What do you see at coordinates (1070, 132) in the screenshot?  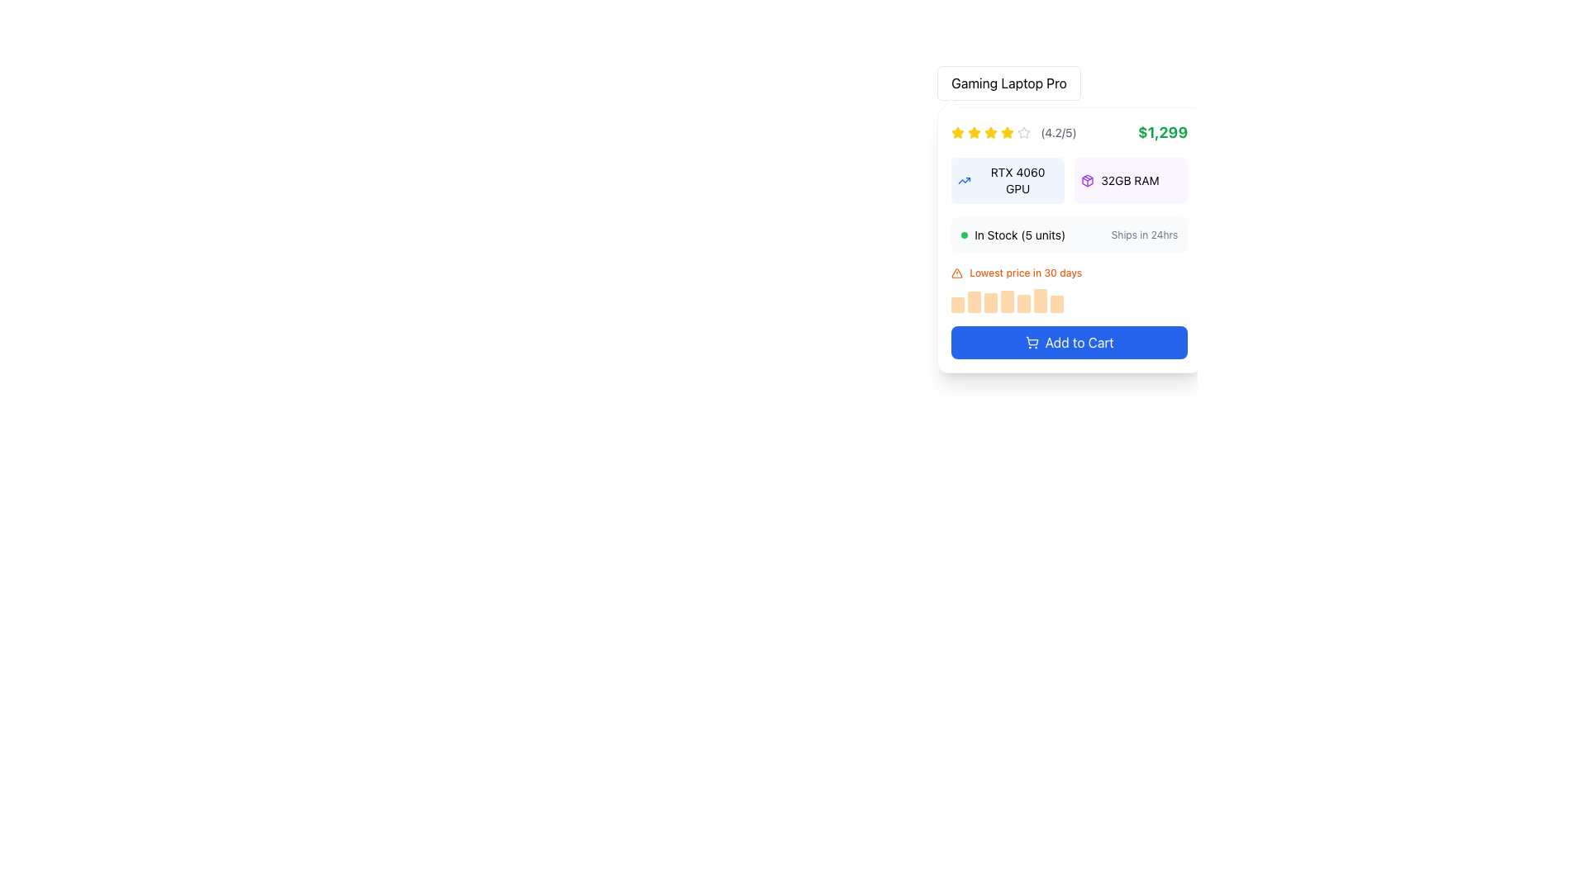 I see `the Rating and price information display showing a rating of '(4.2/5)' and a price of '$1,299', which is located below the title 'Gaming Laptop Pro'` at bounding box center [1070, 132].